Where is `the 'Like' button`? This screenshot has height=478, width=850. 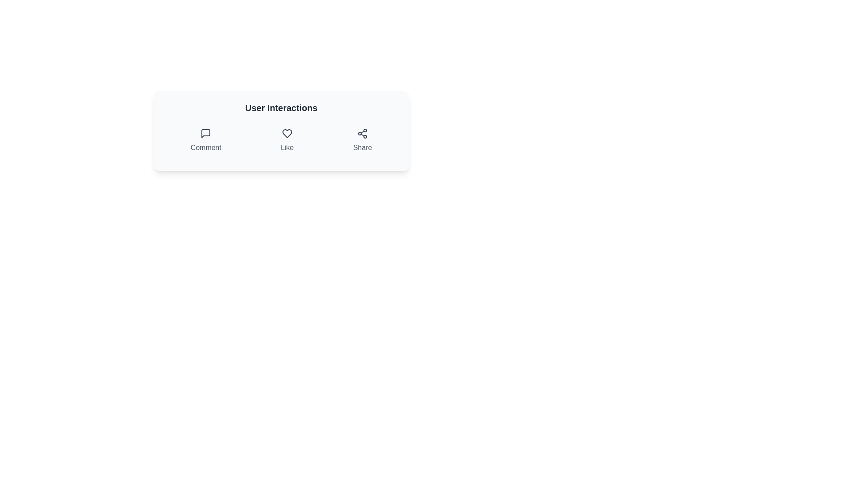
the 'Like' button is located at coordinates (287, 140).